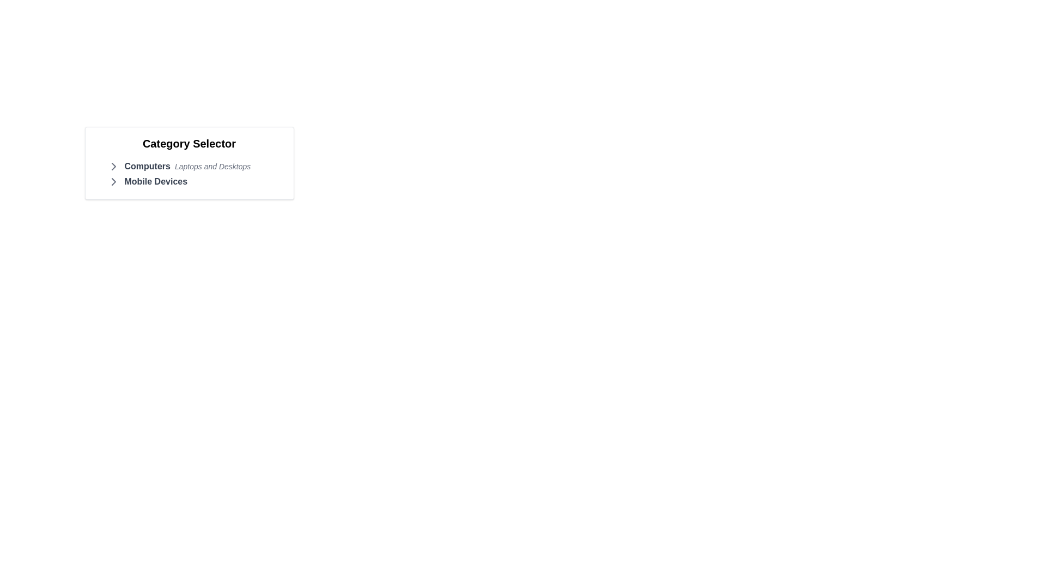  What do you see at coordinates (196, 181) in the screenshot?
I see `the 'Mobile Devices' category label` at bounding box center [196, 181].